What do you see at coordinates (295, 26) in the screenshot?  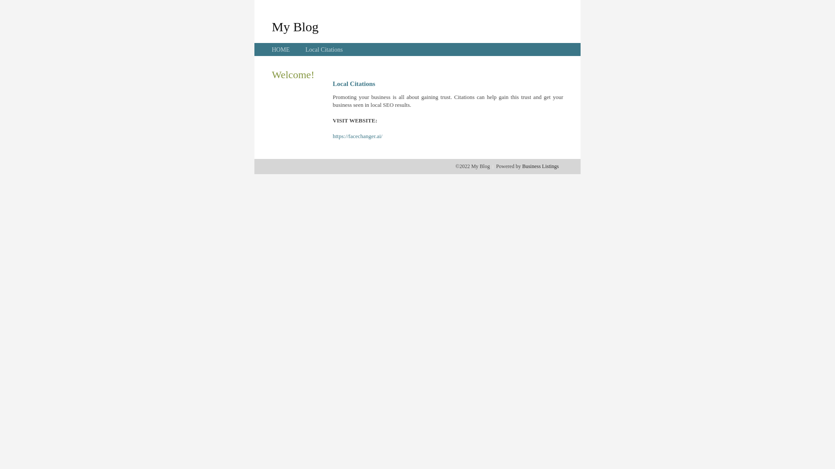 I see `'My Blog'` at bounding box center [295, 26].